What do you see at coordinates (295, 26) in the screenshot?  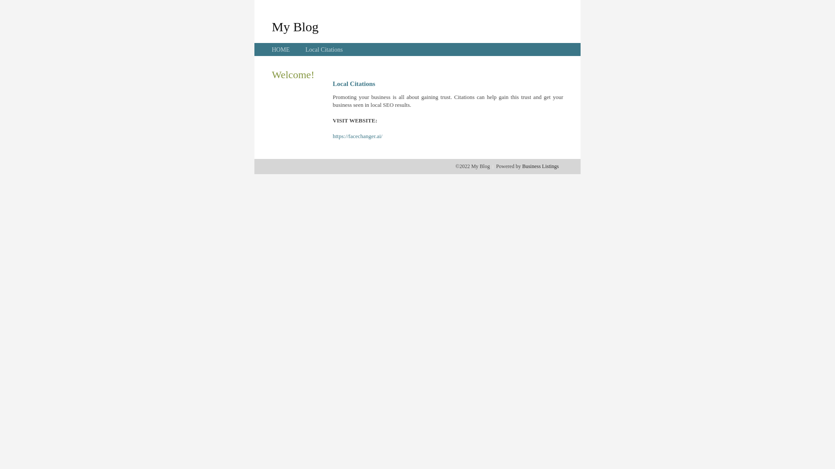 I see `'My Blog'` at bounding box center [295, 26].